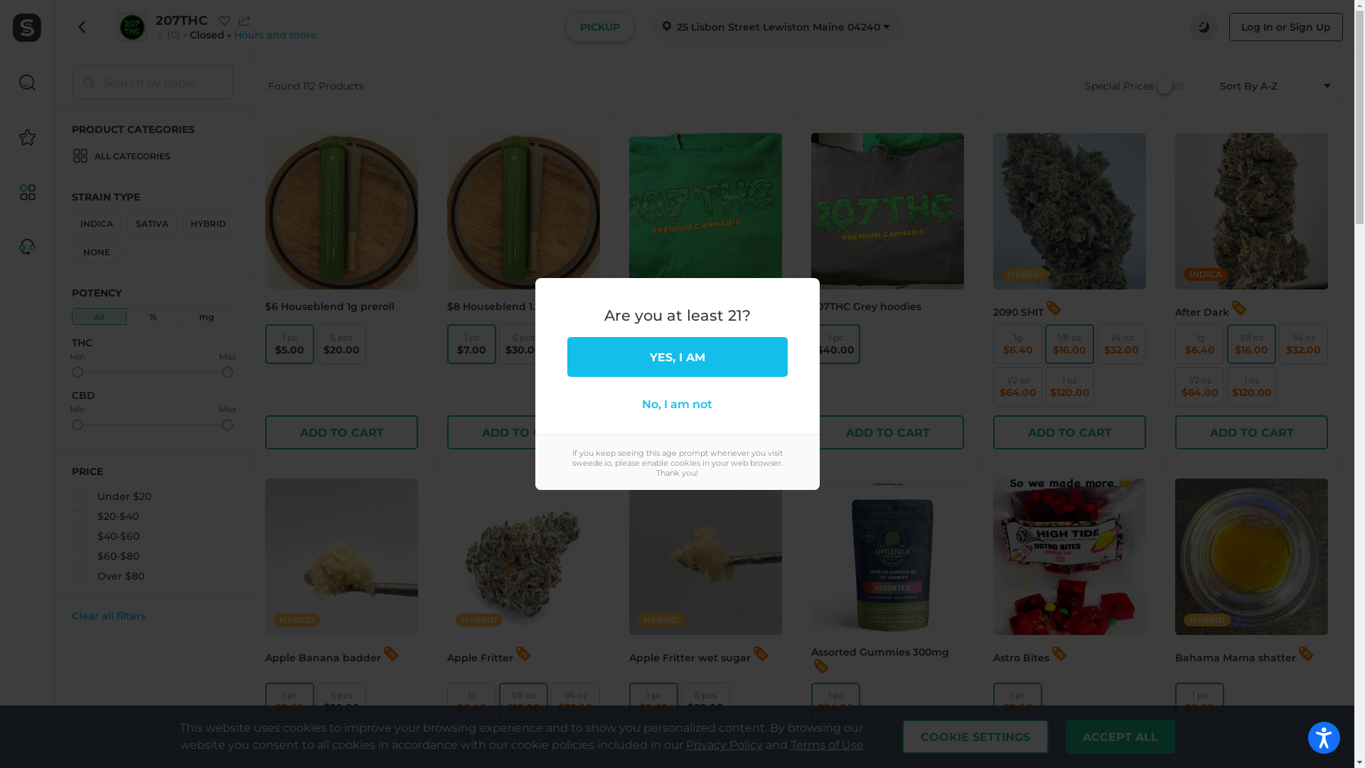  I want to click on '207THC Grey hoodies, so click(887, 290).